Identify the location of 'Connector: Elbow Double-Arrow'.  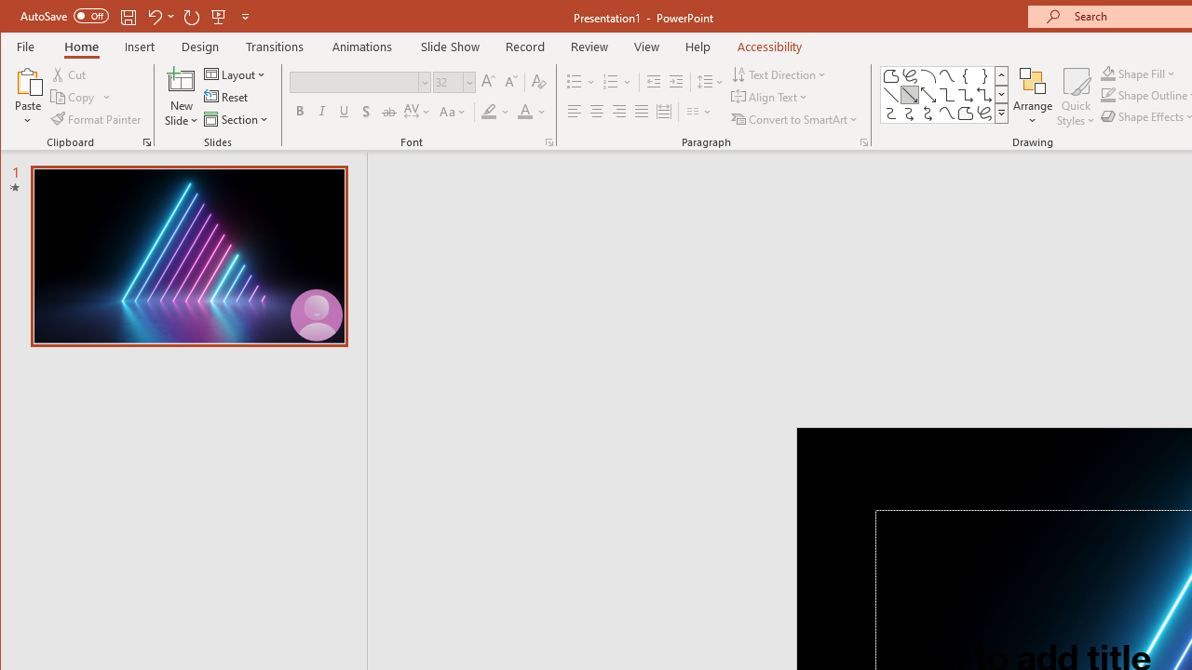
(983, 95).